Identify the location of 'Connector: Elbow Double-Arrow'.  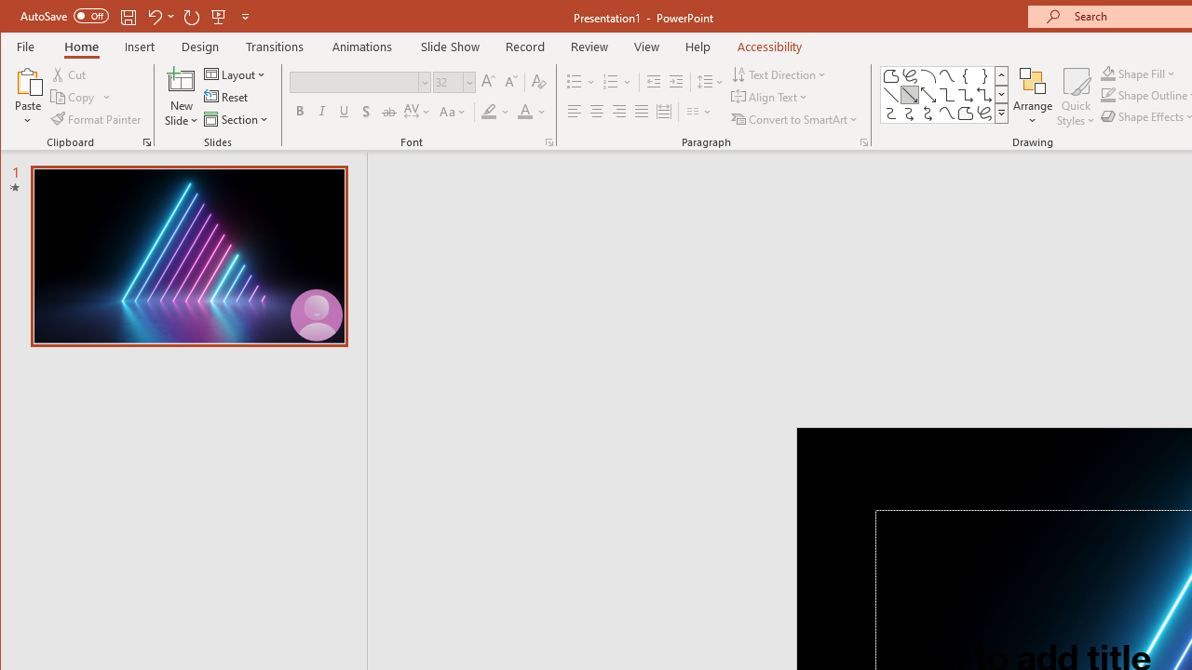
(983, 95).